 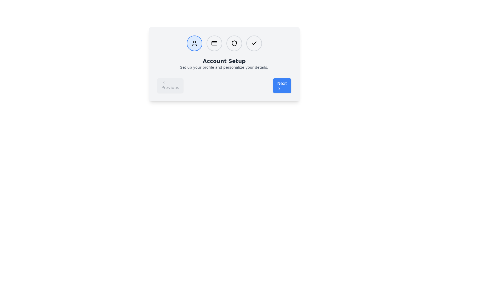 I want to click on the checkmark icon that indicates completion or selection, located within a circular area in the fourth position from the left in a row of circles at the top of the layout, so click(x=254, y=43).